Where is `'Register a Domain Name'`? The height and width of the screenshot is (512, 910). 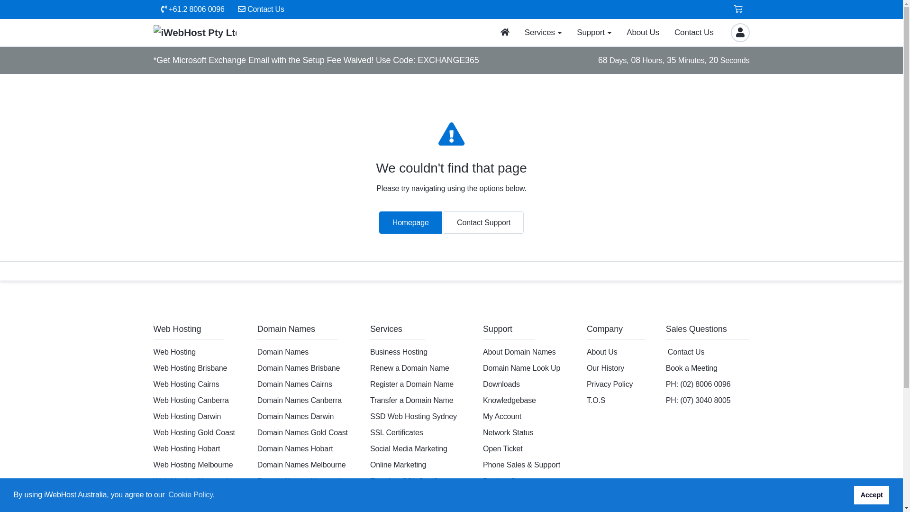
'Register a Domain Name' is located at coordinates (411, 384).